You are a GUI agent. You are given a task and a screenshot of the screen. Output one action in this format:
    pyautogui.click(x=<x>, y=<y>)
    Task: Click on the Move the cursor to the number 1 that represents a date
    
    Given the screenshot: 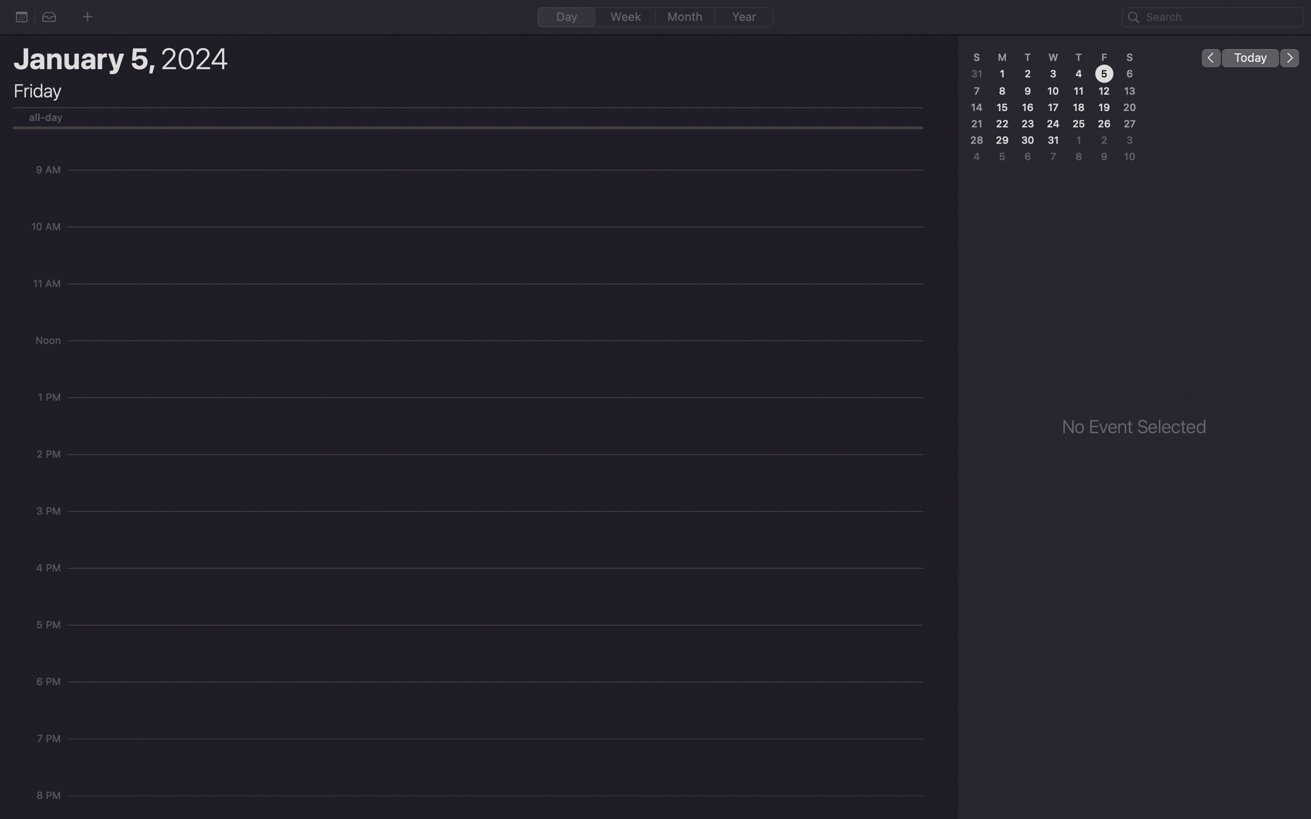 What is the action you would take?
    pyautogui.click(x=1003, y=73)
    